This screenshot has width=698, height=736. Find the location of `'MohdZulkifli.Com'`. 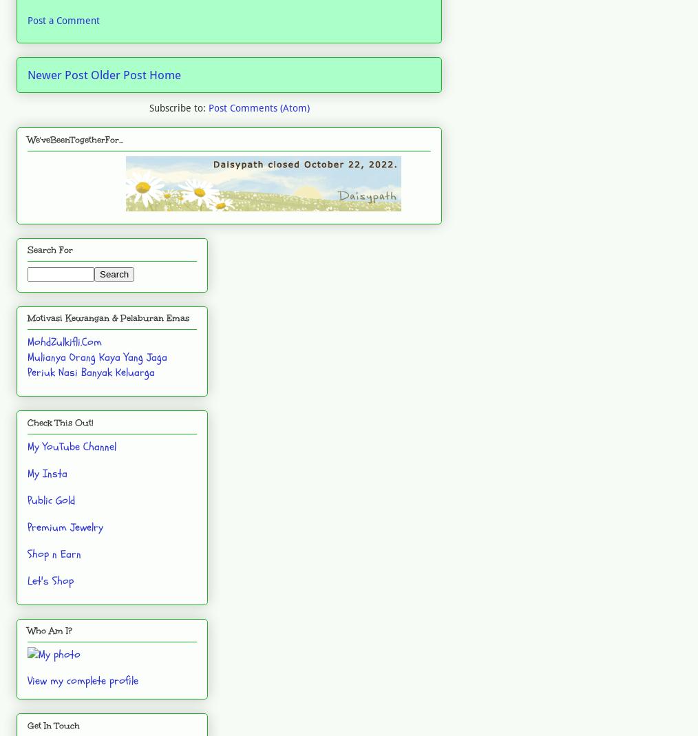

'MohdZulkifli.Com' is located at coordinates (64, 341).